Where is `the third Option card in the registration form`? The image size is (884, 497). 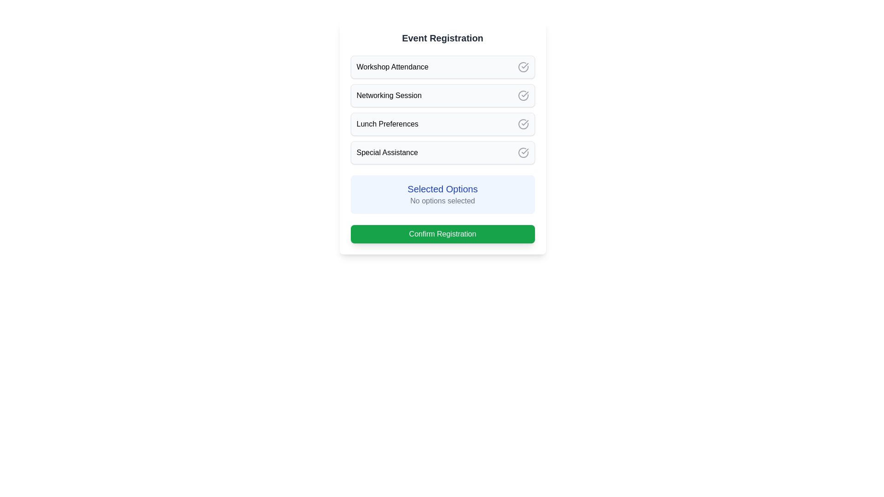 the third Option card in the registration form is located at coordinates (442, 124).